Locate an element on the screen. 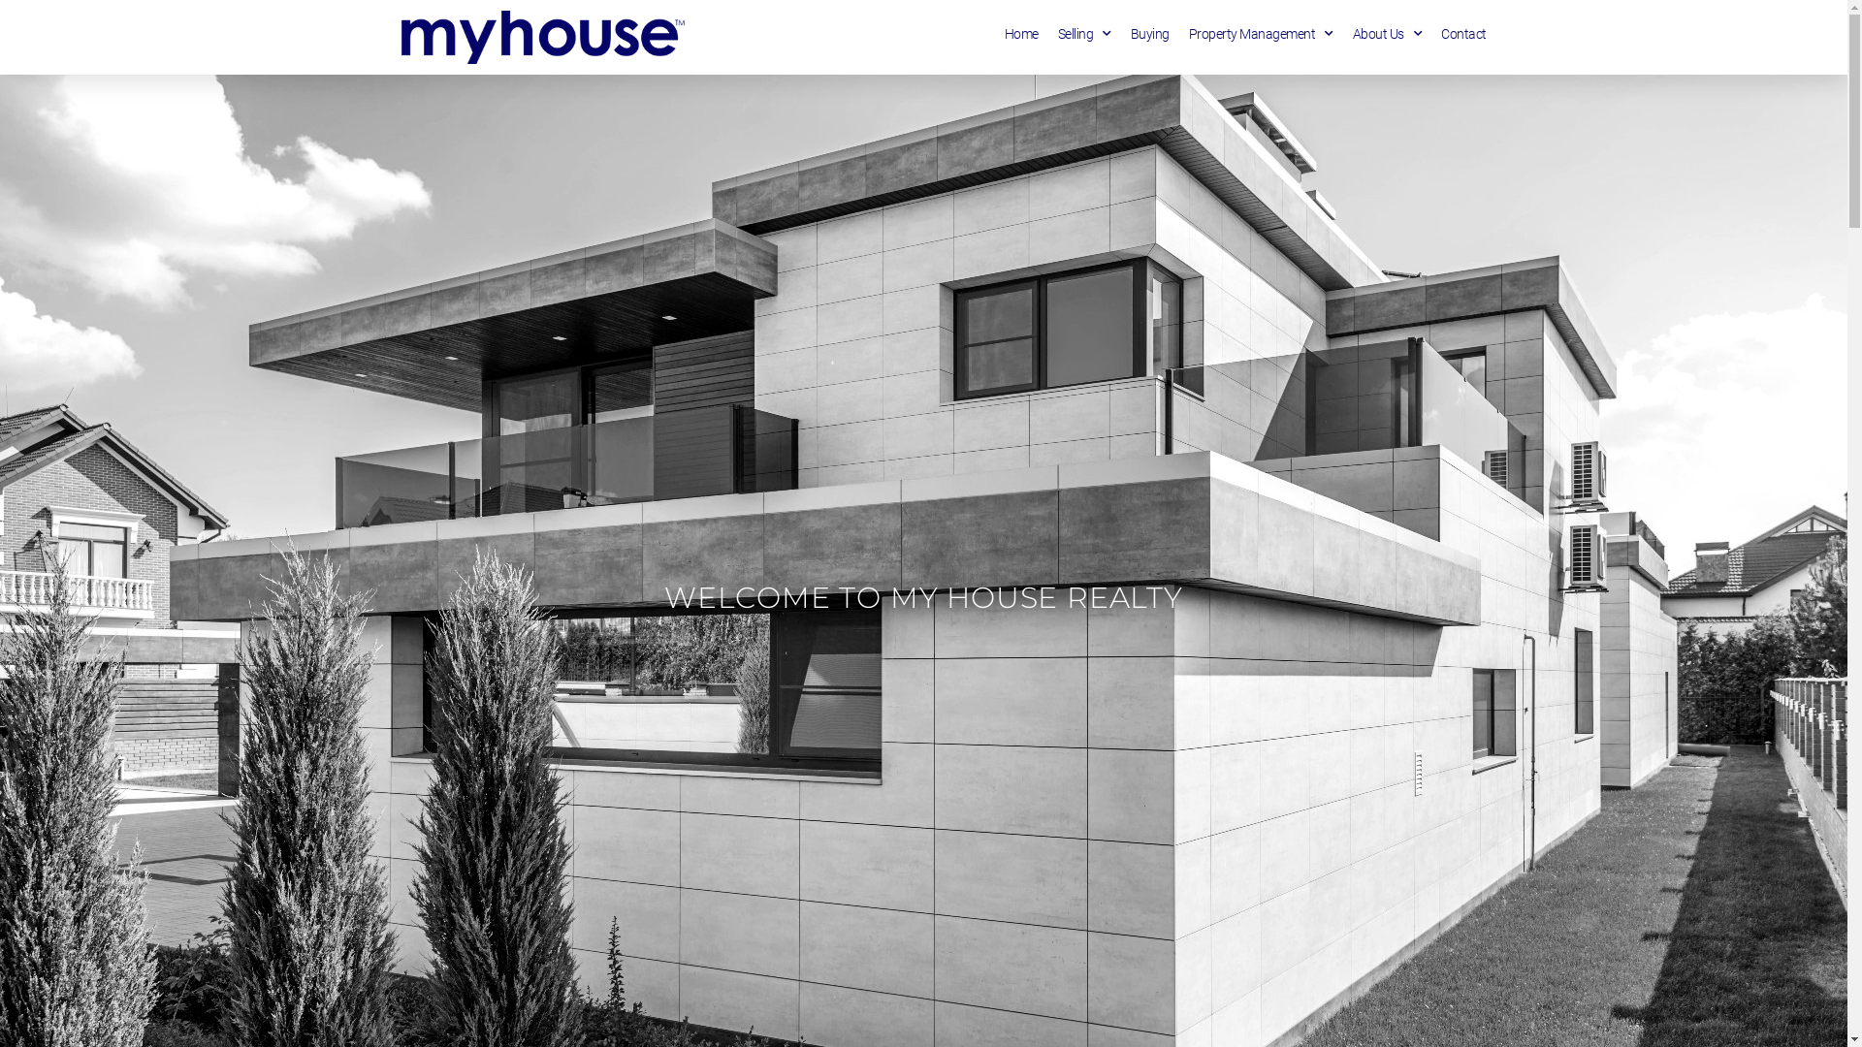 The width and height of the screenshot is (1862, 1047). 'Home' is located at coordinates (1005, 33).